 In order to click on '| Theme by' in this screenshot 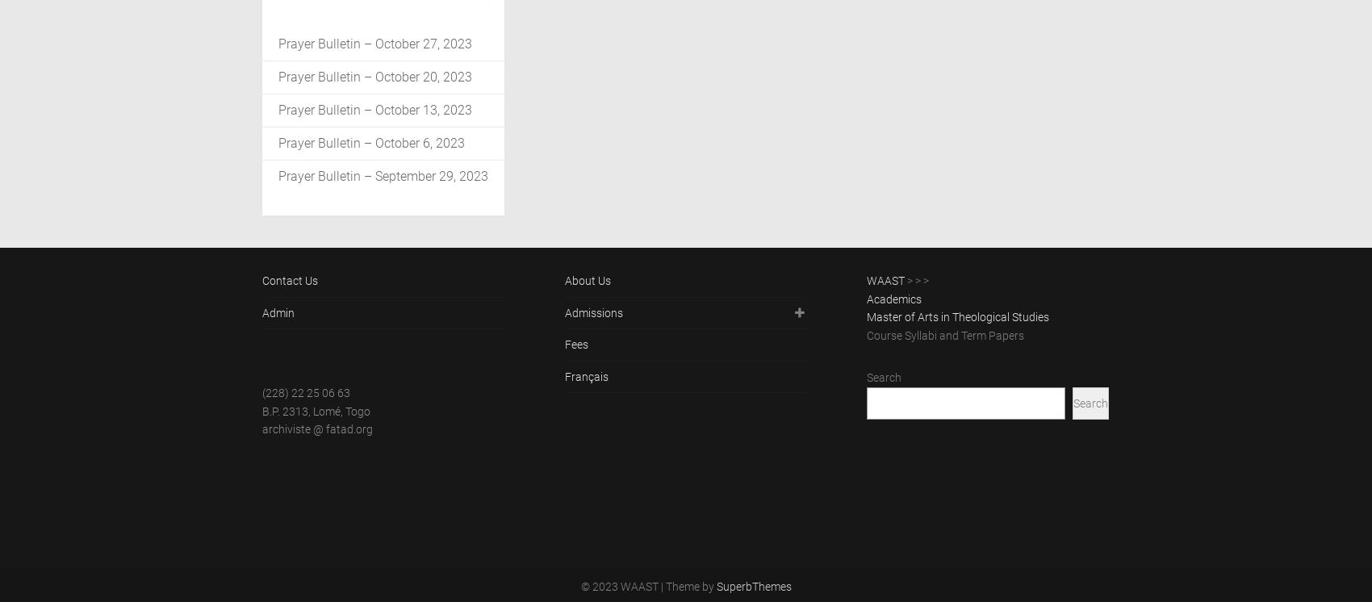, I will do `click(688, 585)`.